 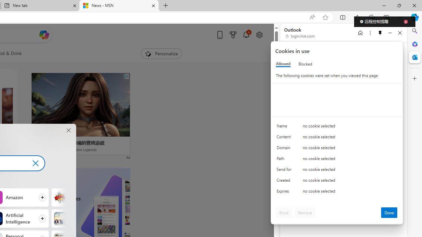 I want to click on 'News - MSN', so click(x=119, y=6).